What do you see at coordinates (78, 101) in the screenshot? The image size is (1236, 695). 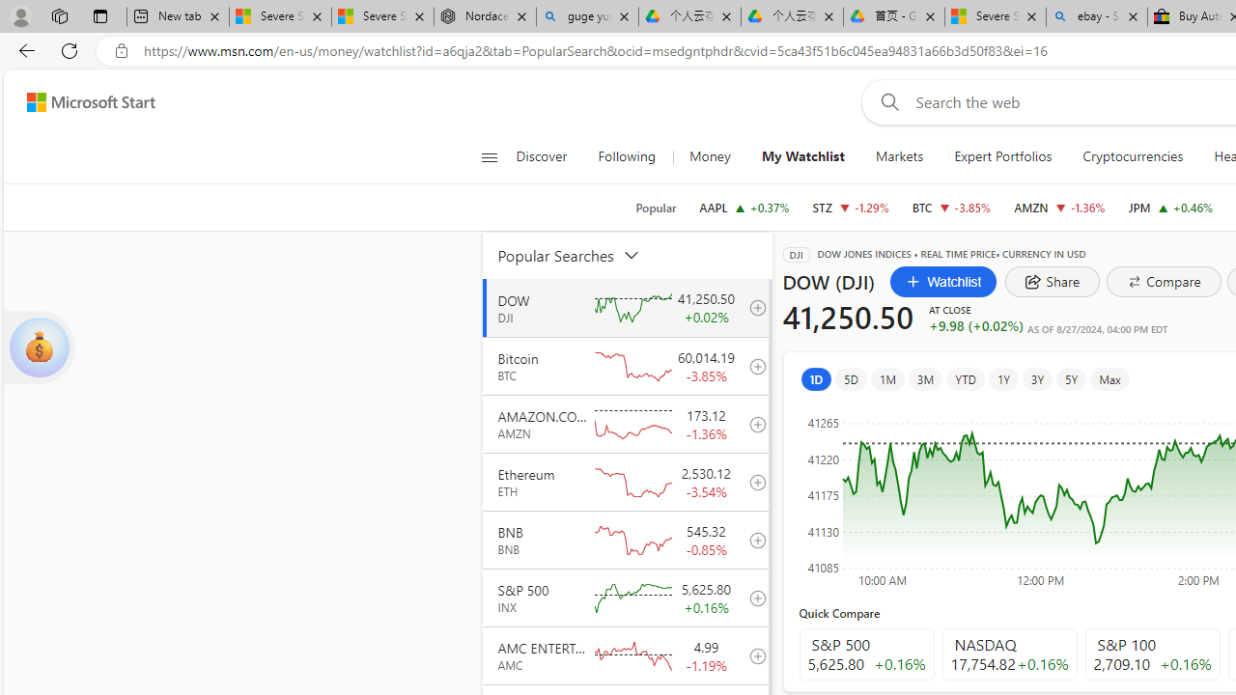 I see `'Skip to footer'` at bounding box center [78, 101].